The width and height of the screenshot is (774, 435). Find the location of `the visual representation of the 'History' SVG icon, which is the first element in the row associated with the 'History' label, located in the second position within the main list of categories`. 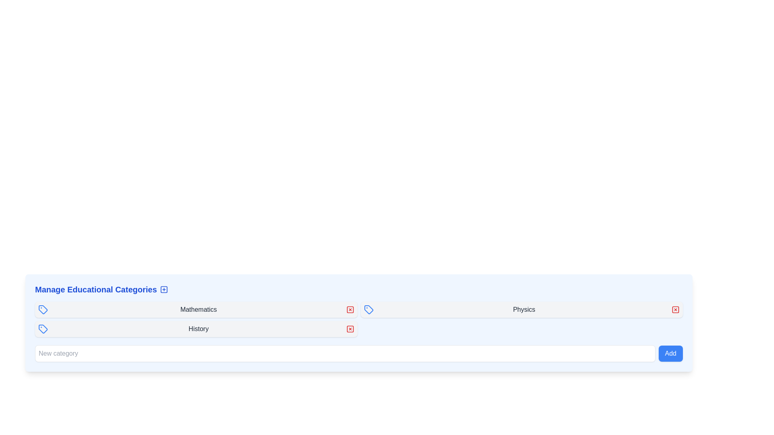

the visual representation of the 'History' SVG icon, which is the first element in the row associated with the 'History' label, located in the second position within the main list of categories is located at coordinates (42, 329).